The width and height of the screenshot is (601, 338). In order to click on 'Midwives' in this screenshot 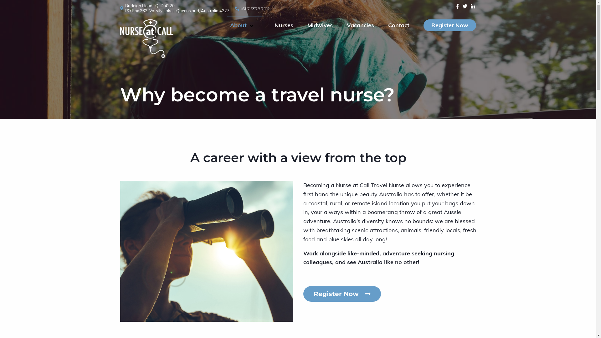, I will do `click(307, 25)`.